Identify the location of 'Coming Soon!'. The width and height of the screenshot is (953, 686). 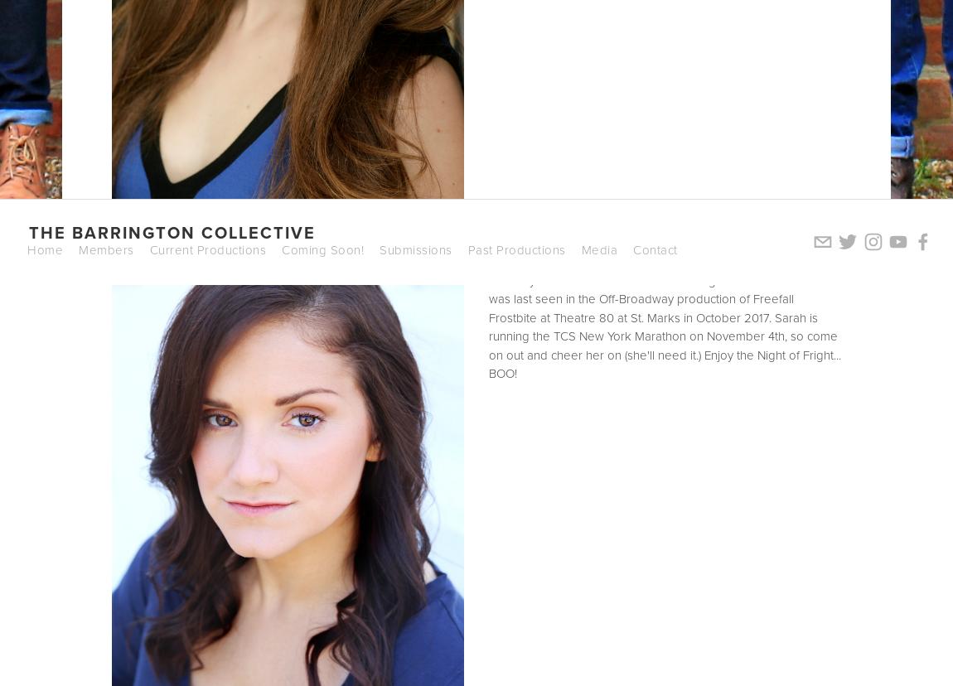
(322, 249).